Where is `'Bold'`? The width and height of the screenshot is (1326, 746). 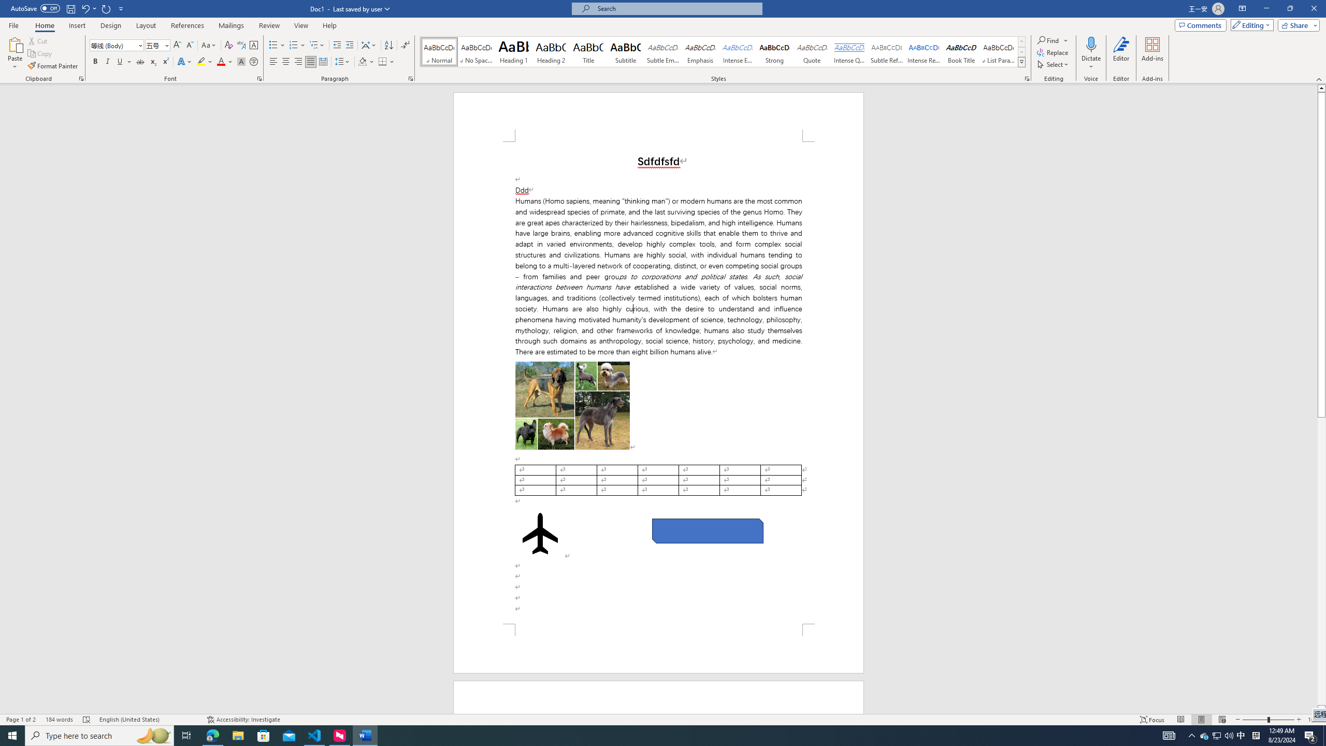
'Bold' is located at coordinates (95, 61).